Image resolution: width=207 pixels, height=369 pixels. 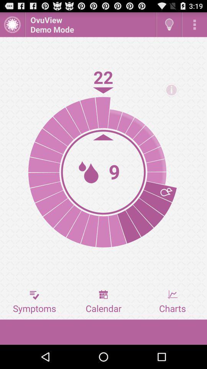 What do you see at coordinates (103, 332) in the screenshot?
I see `the button below the symptoms button` at bounding box center [103, 332].